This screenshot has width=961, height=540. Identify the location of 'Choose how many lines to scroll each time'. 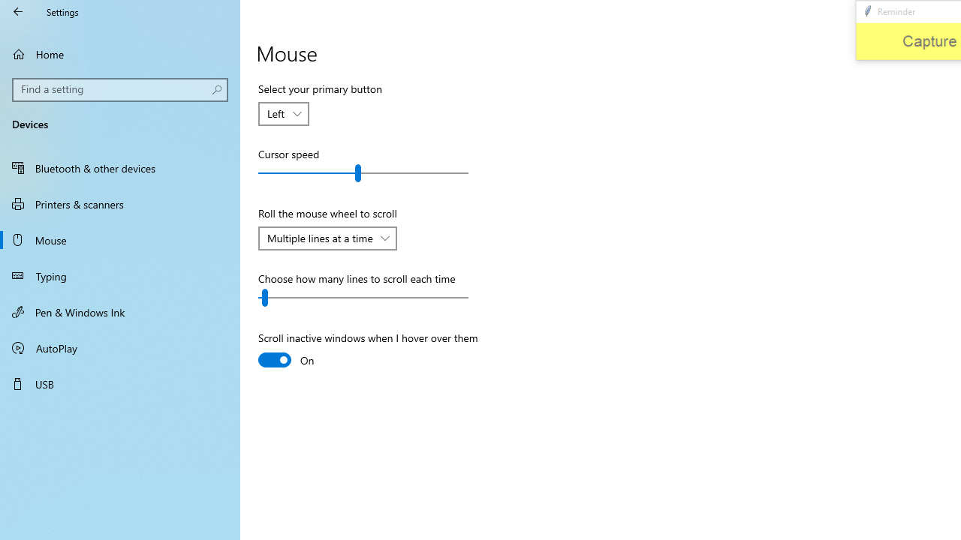
(363, 298).